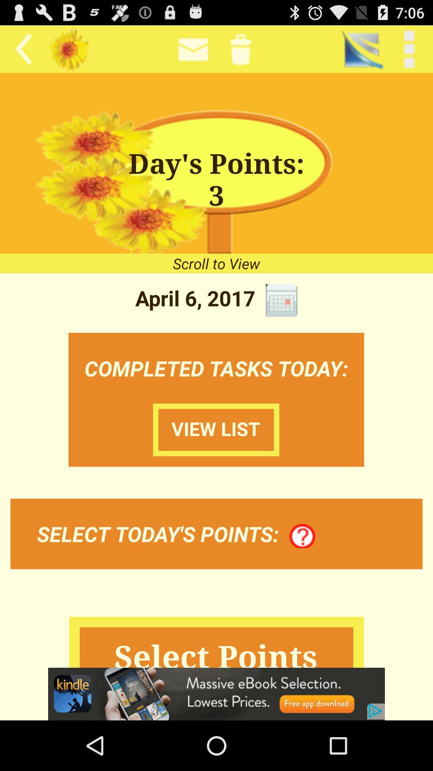  Describe the element at coordinates (362, 49) in the screenshot. I see `the app to the left of < back icon` at that location.